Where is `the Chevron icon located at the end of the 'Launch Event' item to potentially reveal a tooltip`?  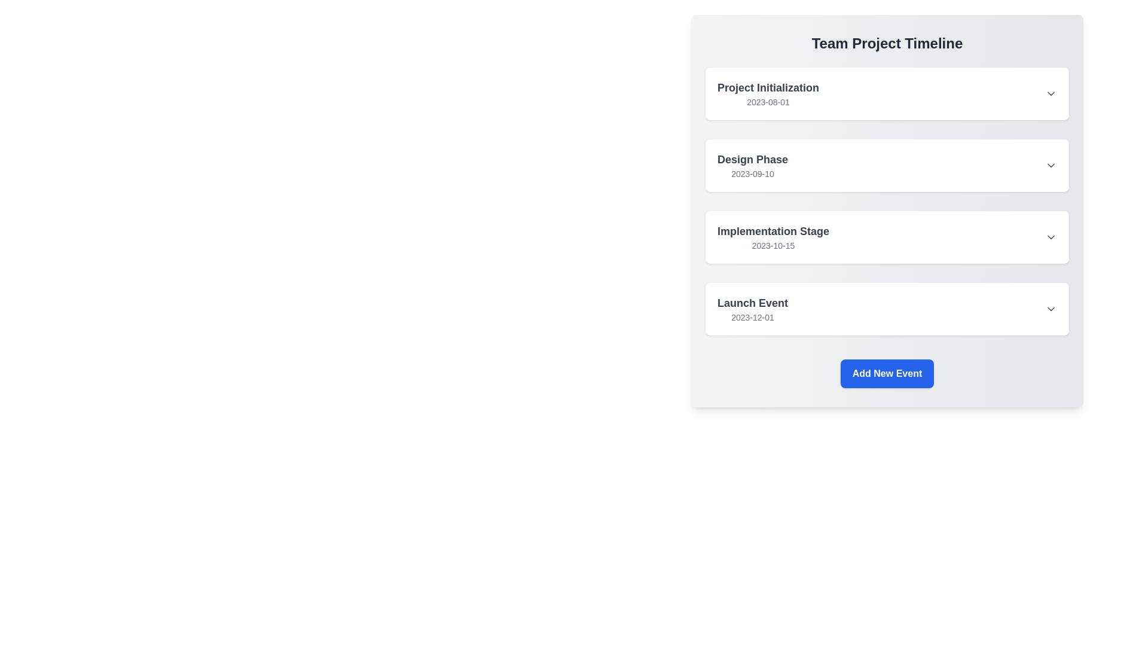 the Chevron icon located at the end of the 'Launch Event' item to potentially reveal a tooltip is located at coordinates (1050, 308).